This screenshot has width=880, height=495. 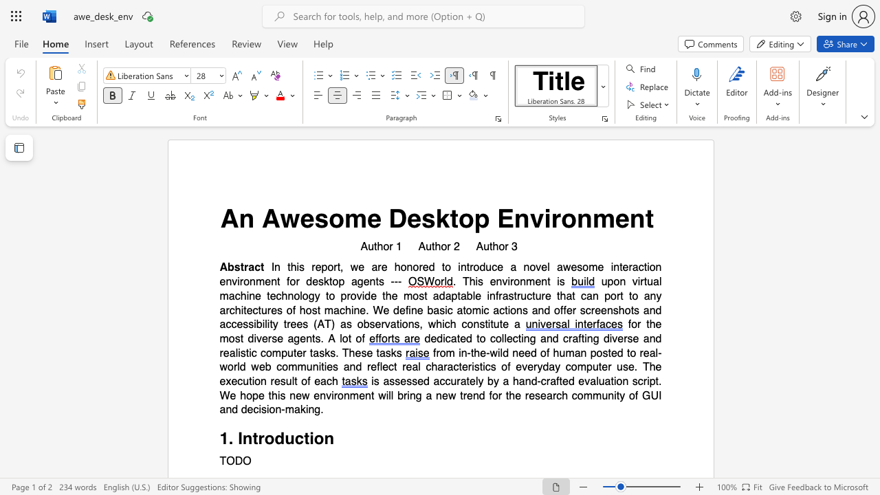 What do you see at coordinates (428, 366) in the screenshot?
I see `the 3th character "c" in the text` at bounding box center [428, 366].